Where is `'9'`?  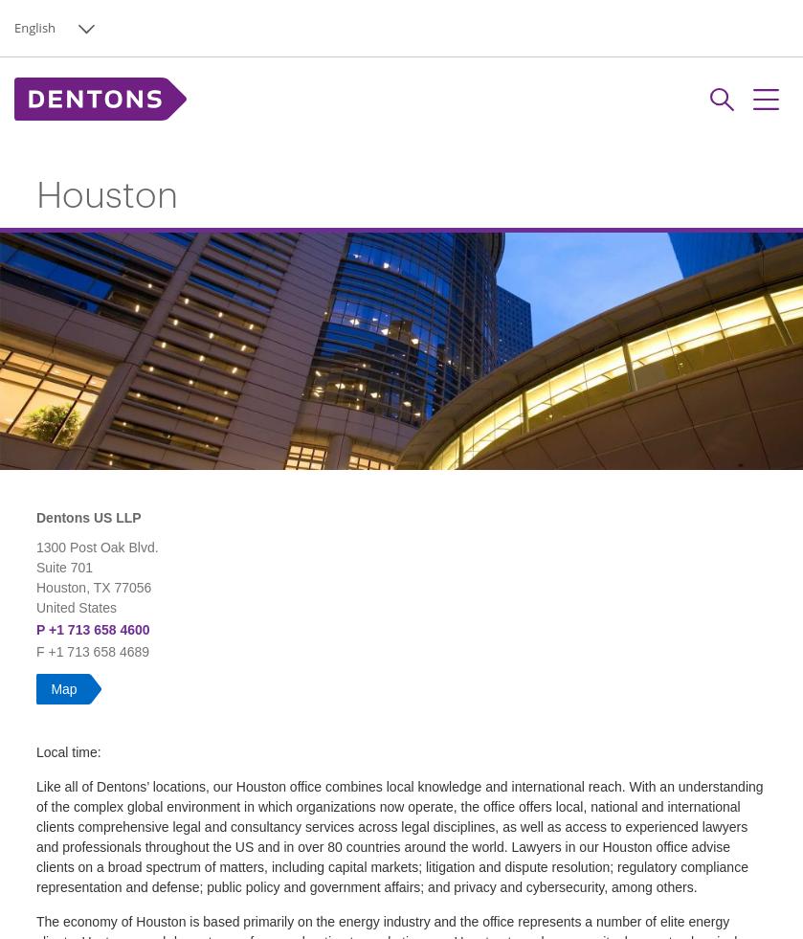 '9' is located at coordinates (145, 651).